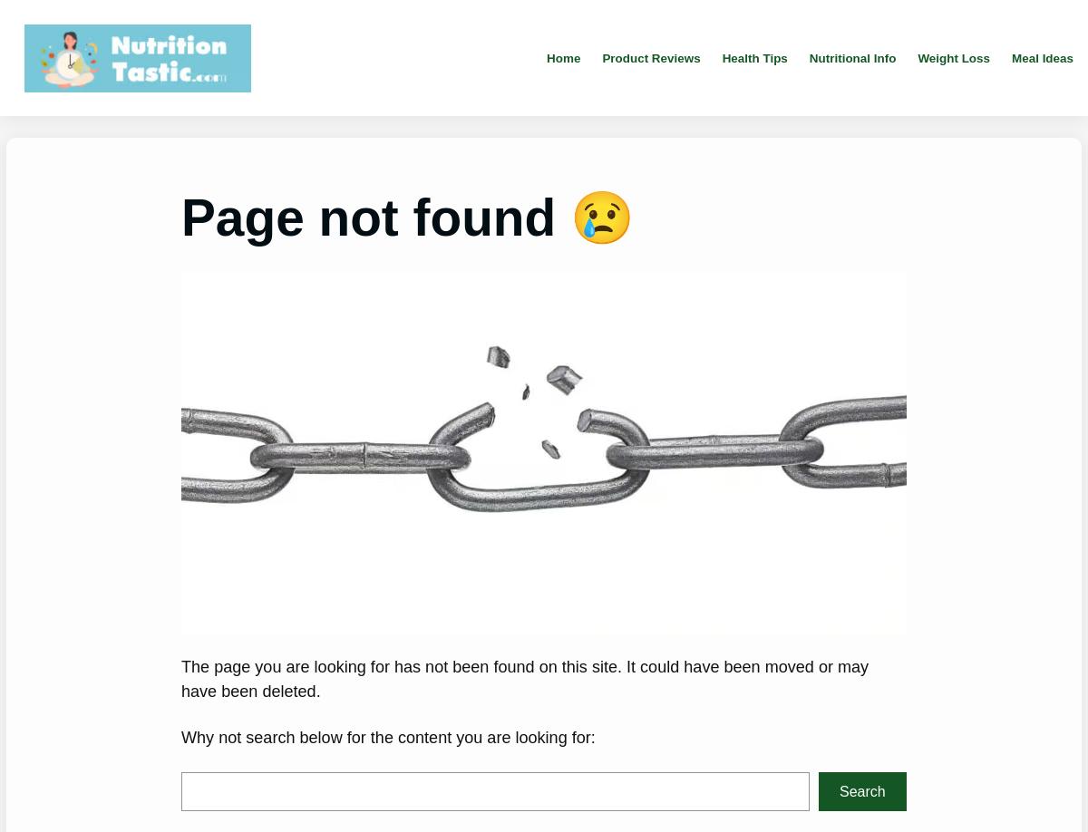 The width and height of the screenshot is (1088, 832). What do you see at coordinates (851, 57) in the screenshot?
I see `'Nutritional Info'` at bounding box center [851, 57].